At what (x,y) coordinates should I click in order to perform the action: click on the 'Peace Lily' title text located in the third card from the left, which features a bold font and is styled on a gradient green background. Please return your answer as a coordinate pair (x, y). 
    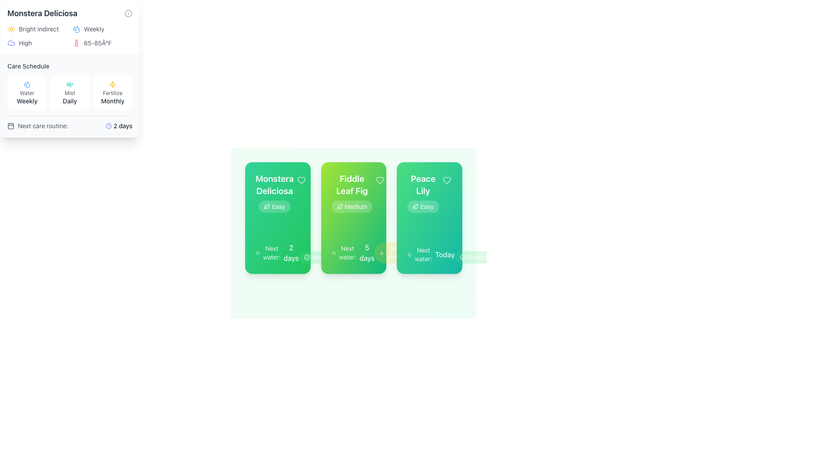
    Looking at the image, I should click on (423, 192).